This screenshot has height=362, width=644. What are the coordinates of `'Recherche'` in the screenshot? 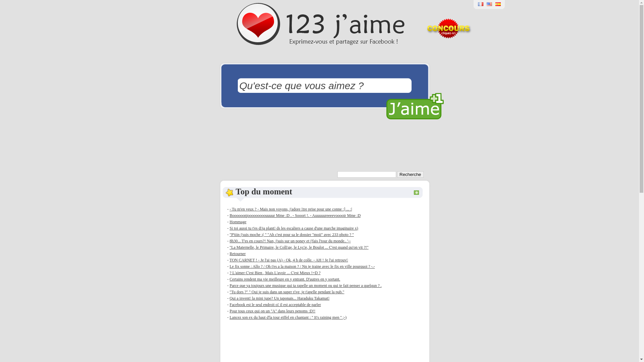 It's located at (410, 174).